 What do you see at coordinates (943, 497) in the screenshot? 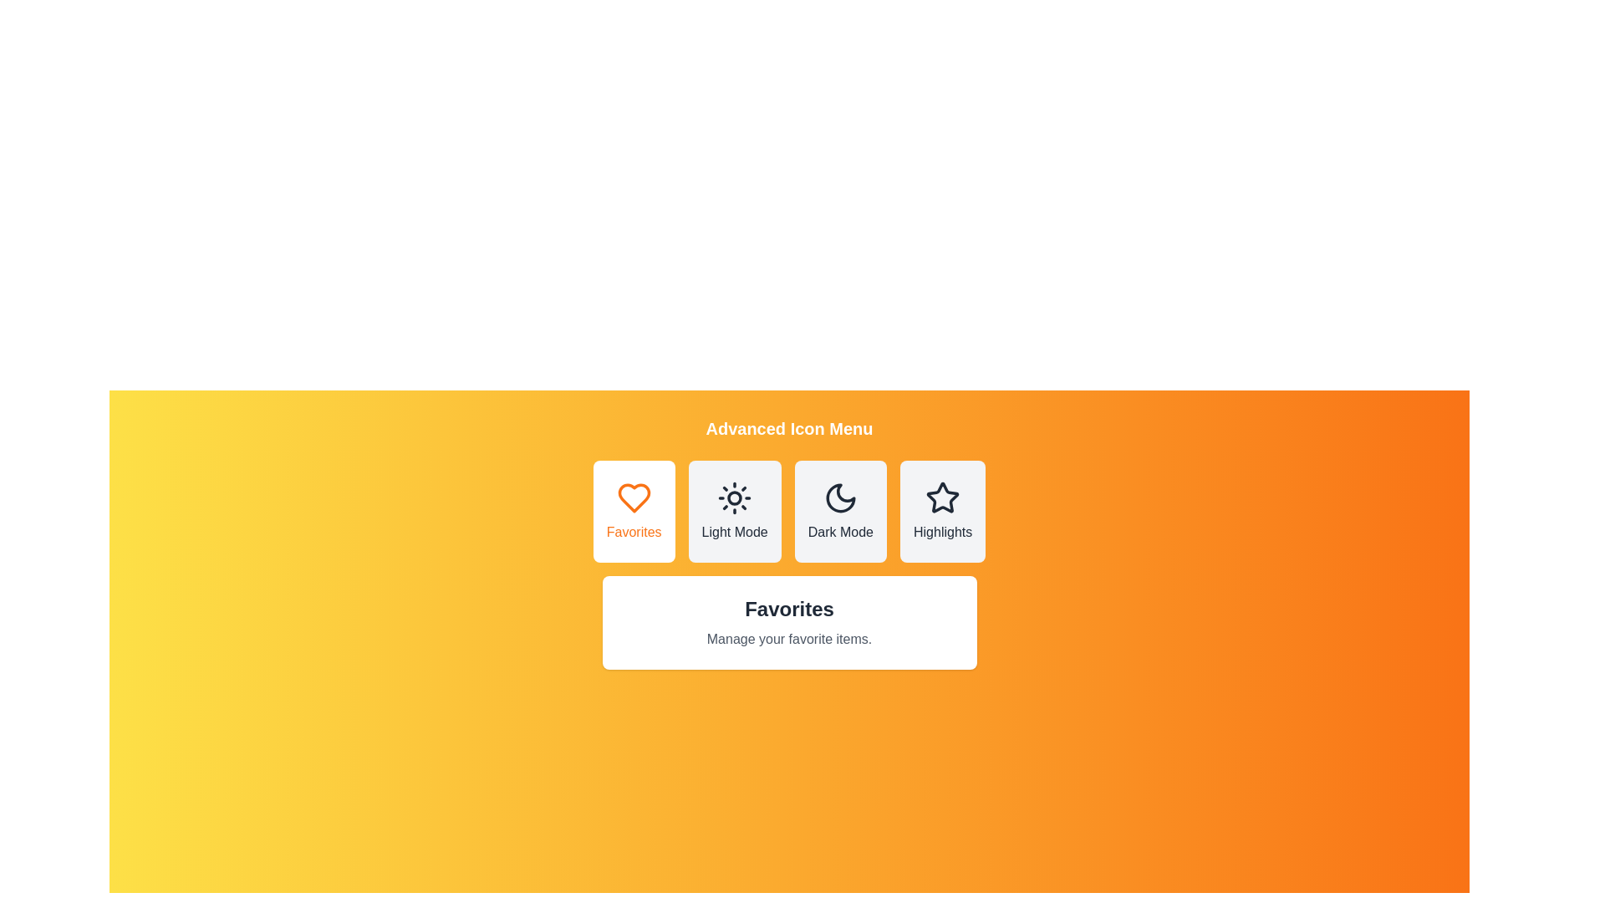
I see `the star-shaped outline icon located in the fourth item of the icon menu row labeled 'Highlights'` at bounding box center [943, 497].